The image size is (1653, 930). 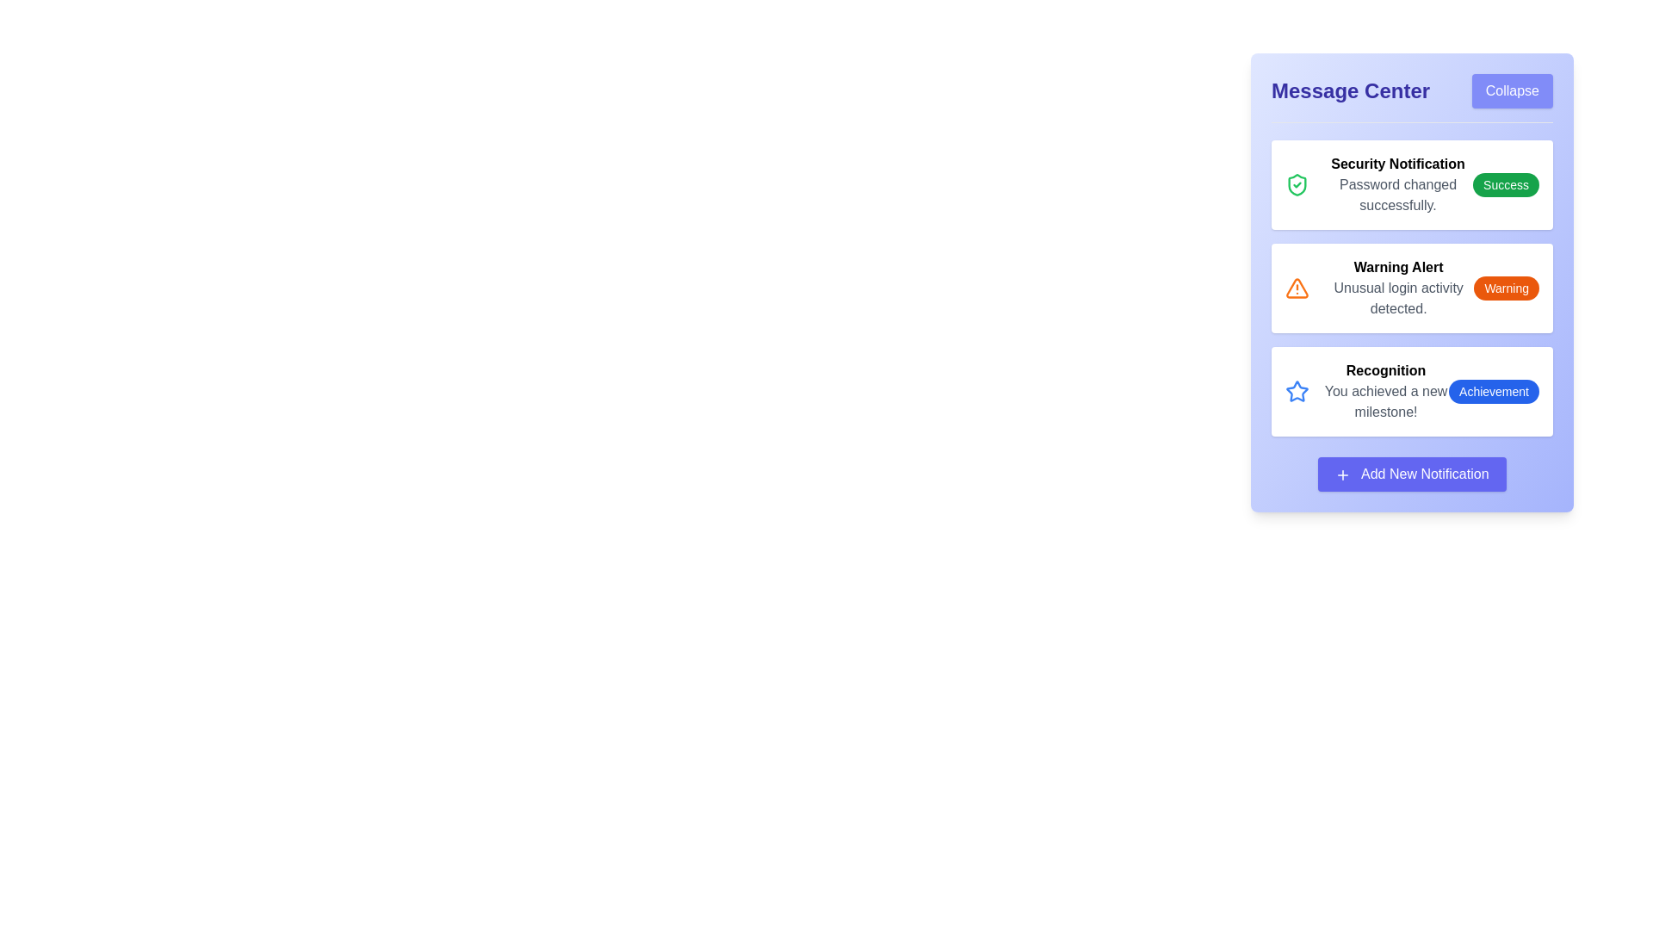 What do you see at coordinates (1412, 474) in the screenshot?
I see `the 'Add Notification' button located at the bottom of the 'Message Center' card` at bounding box center [1412, 474].